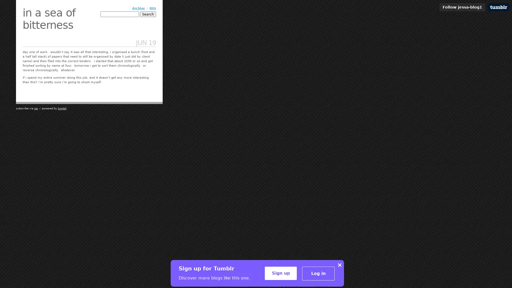  I want to click on Search, so click(148, 14).